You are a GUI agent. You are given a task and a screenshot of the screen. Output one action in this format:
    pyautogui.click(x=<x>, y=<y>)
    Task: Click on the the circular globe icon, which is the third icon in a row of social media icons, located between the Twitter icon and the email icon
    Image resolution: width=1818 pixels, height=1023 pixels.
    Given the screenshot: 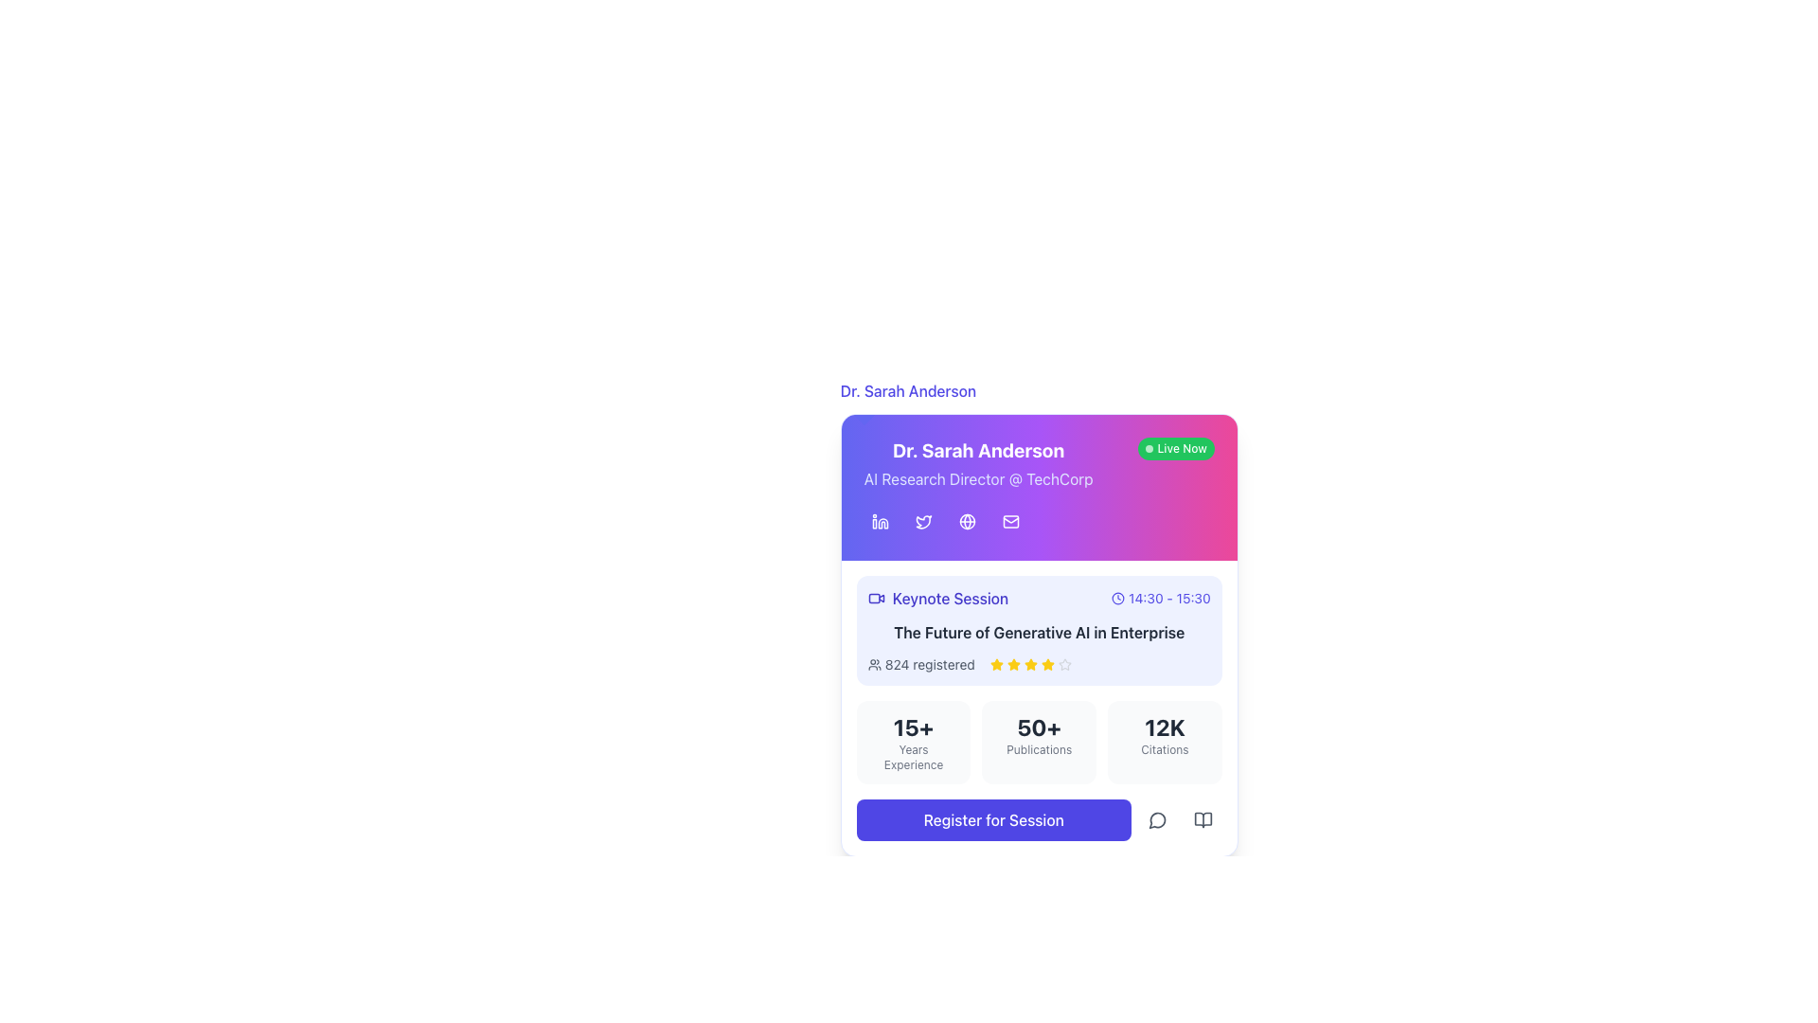 What is the action you would take?
    pyautogui.click(x=967, y=522)
    